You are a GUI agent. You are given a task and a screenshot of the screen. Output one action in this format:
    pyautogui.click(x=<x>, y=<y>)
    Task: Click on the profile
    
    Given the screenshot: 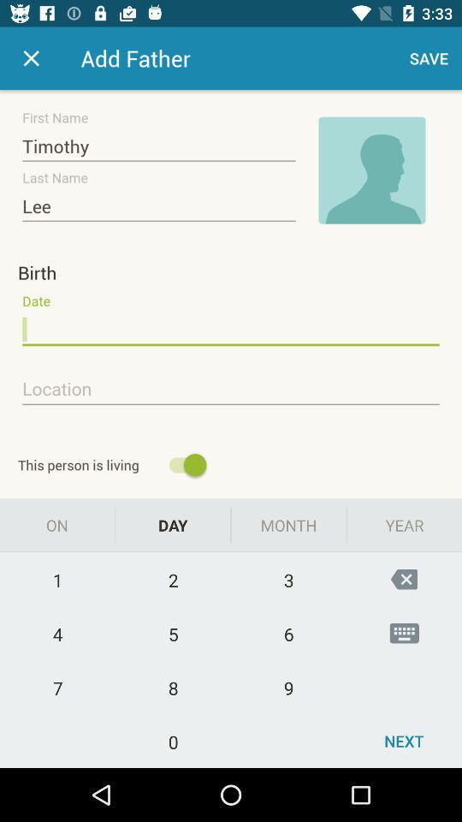 What is the action you would take?
    pyautogui.click(x=371, y=170)
    